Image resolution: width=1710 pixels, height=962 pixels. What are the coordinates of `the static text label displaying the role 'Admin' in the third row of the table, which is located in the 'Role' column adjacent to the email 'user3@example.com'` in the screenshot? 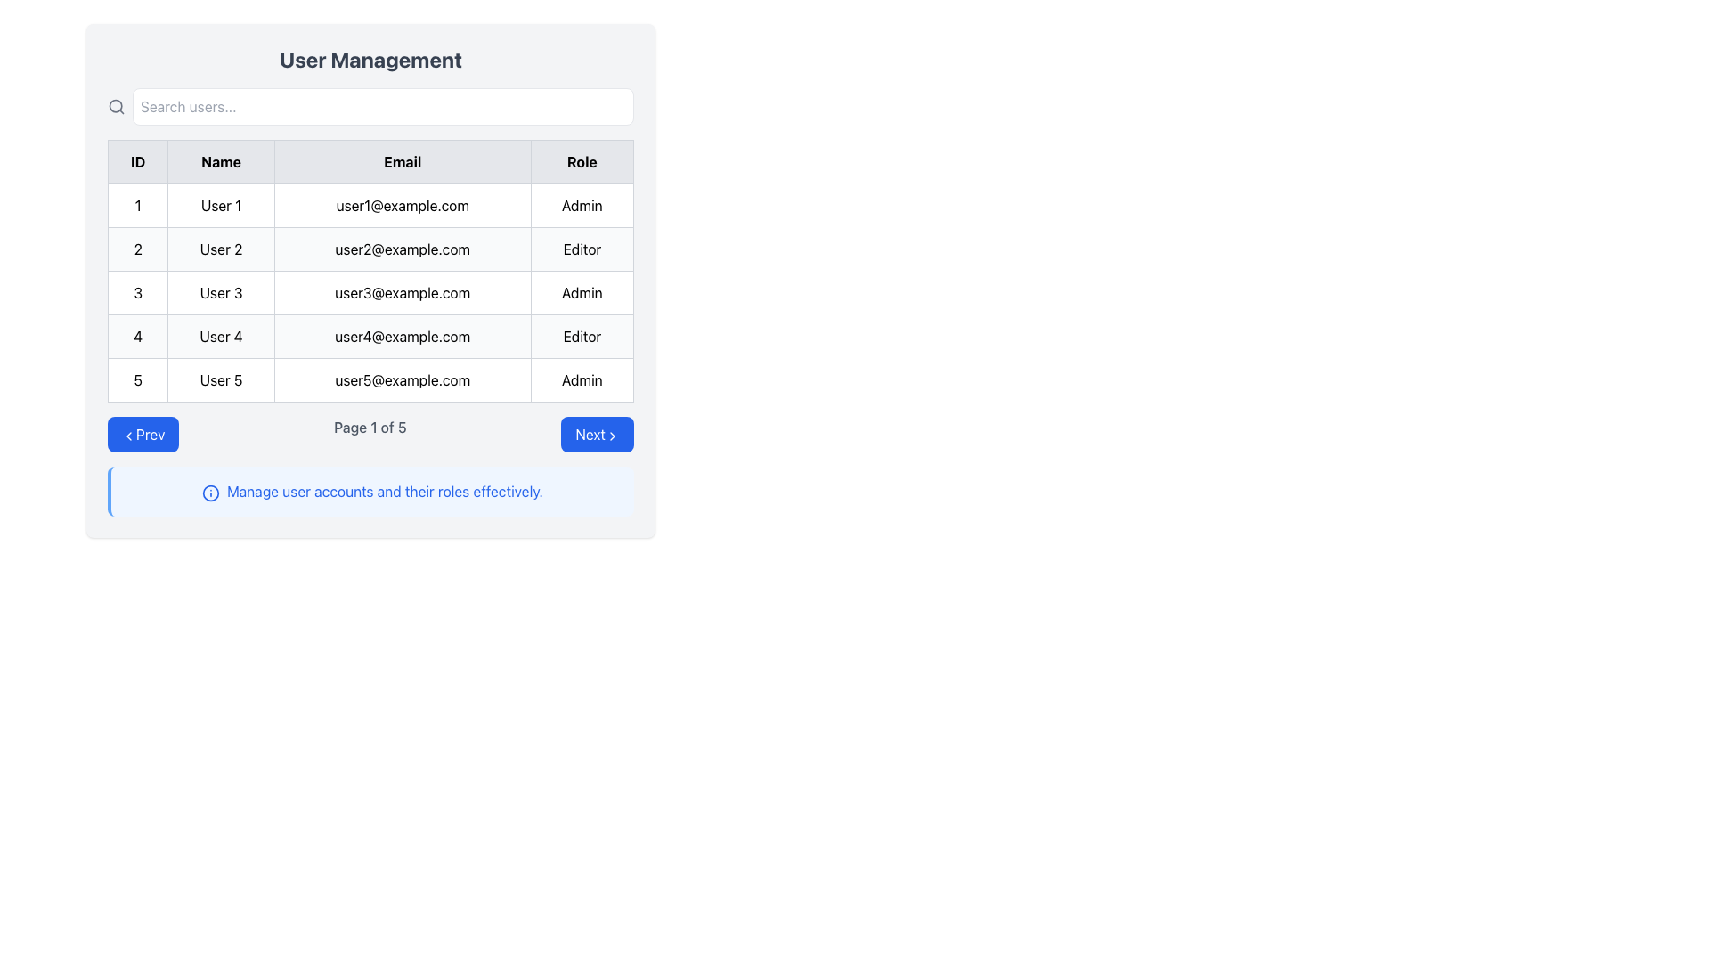 It's located at (582, 291).